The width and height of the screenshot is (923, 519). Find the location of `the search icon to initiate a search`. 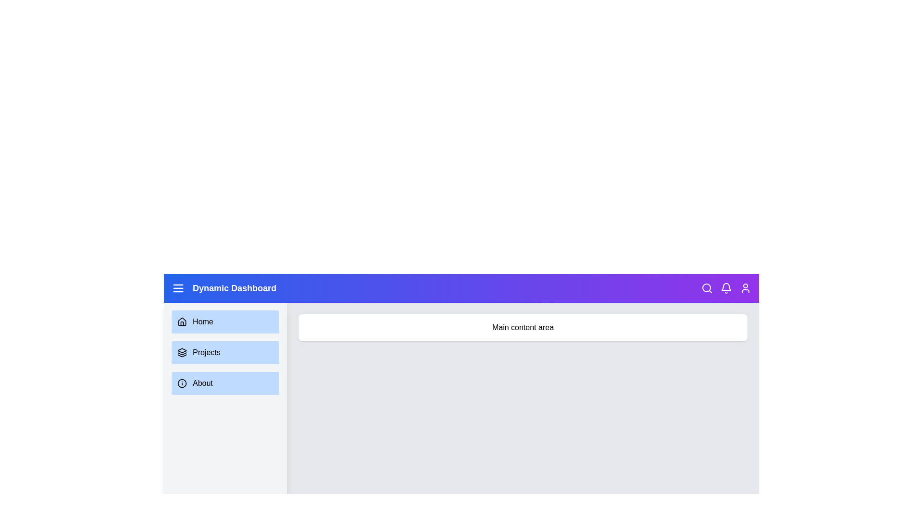

the search icon to initiate a search is located at coordinates (707, 288).